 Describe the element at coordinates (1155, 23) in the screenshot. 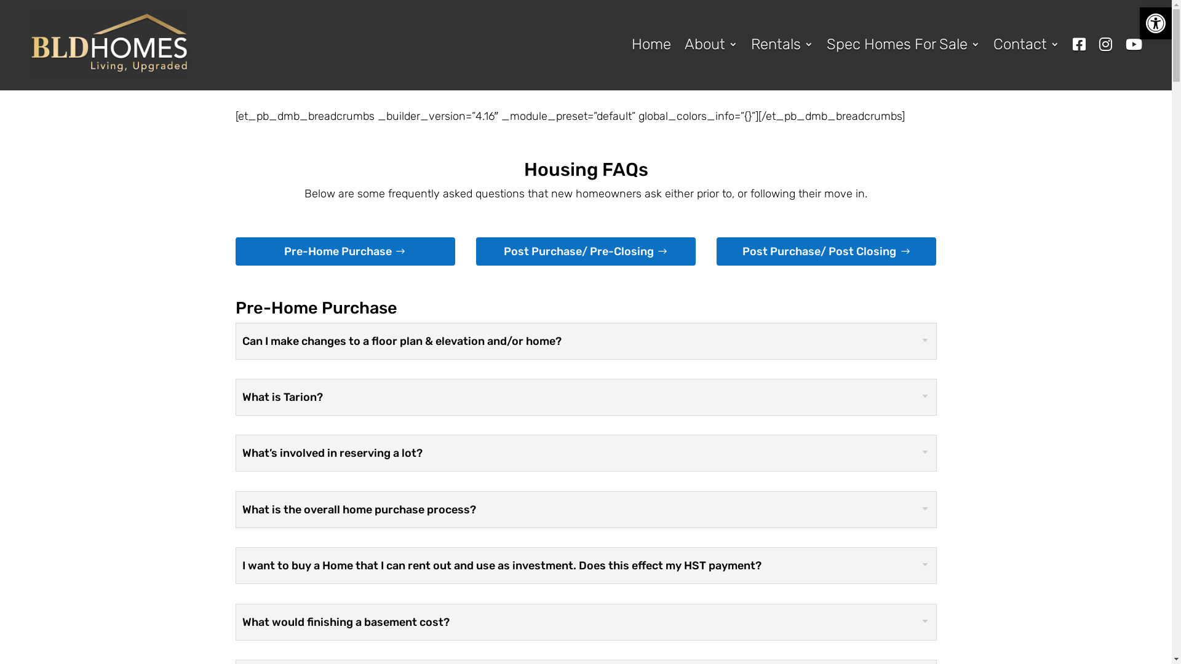

I see `'Open toolbar` at that location.